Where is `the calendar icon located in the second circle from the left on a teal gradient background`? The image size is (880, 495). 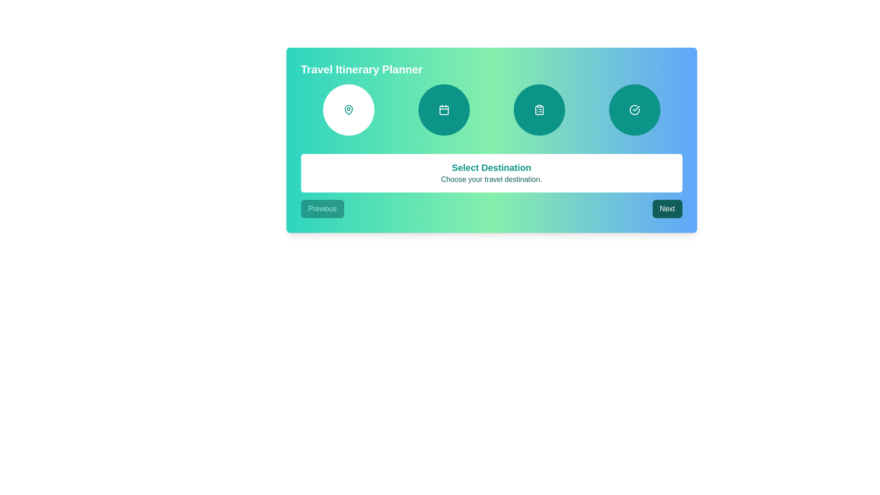
the calendar icon located in the second circle from the left on a teal gradient background is located at coordinates (444, 109).